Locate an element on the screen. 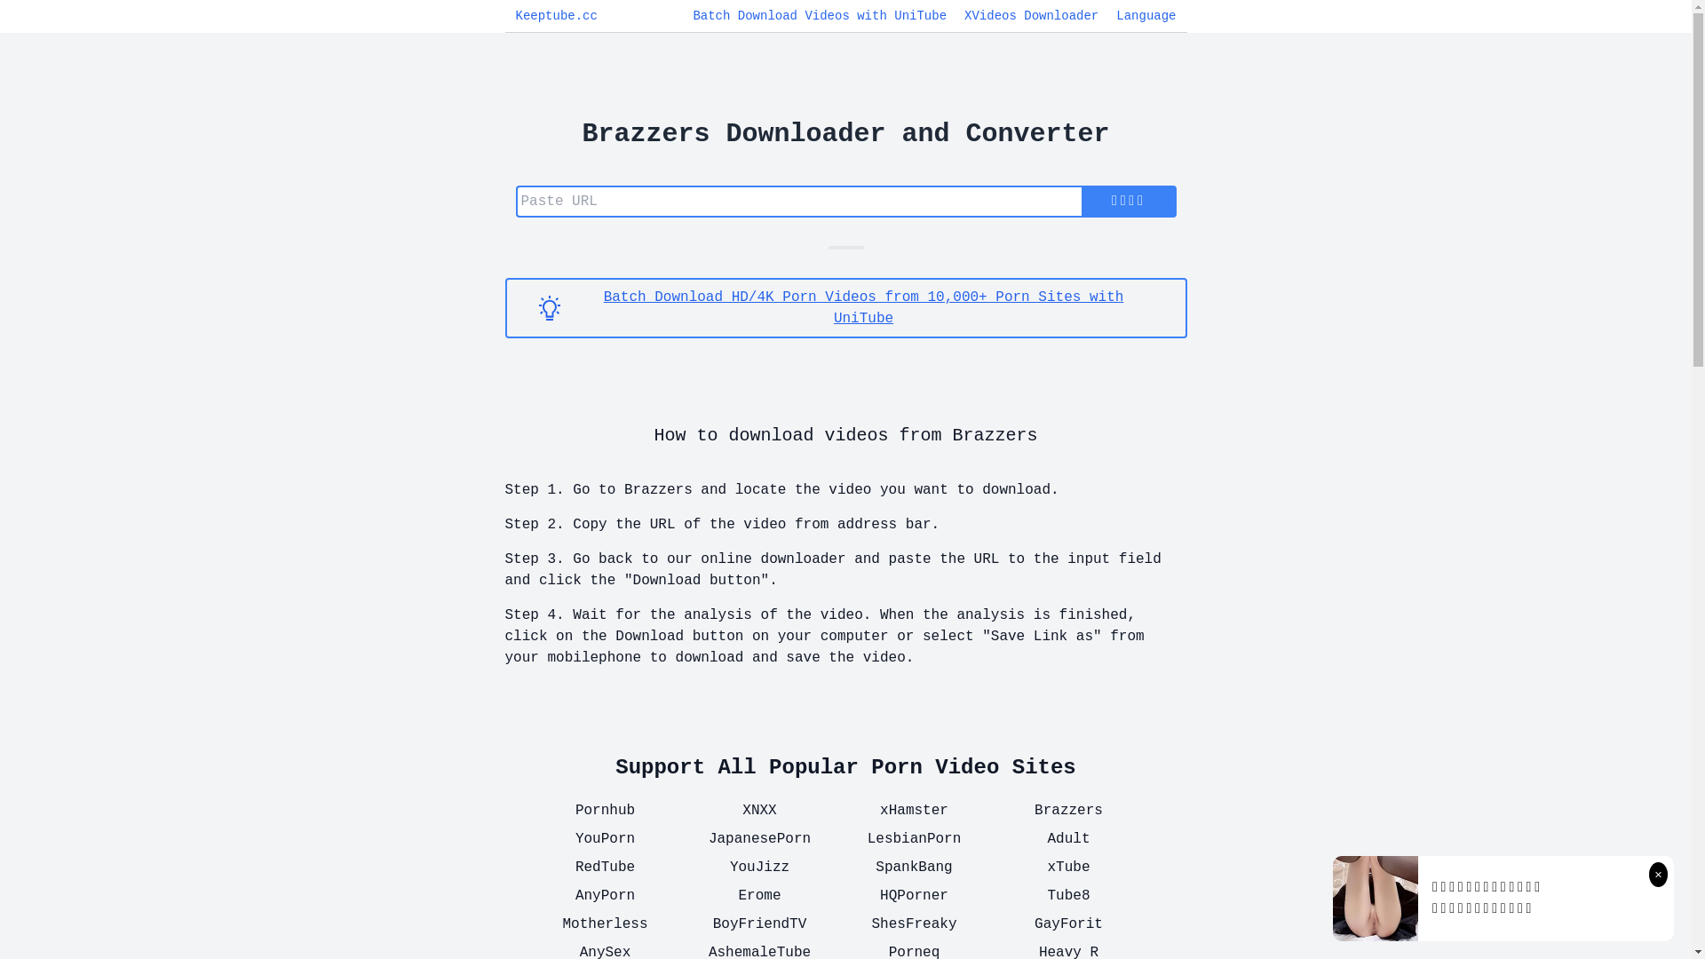  'LesbianPorn' is located at coordinates (913, 839).